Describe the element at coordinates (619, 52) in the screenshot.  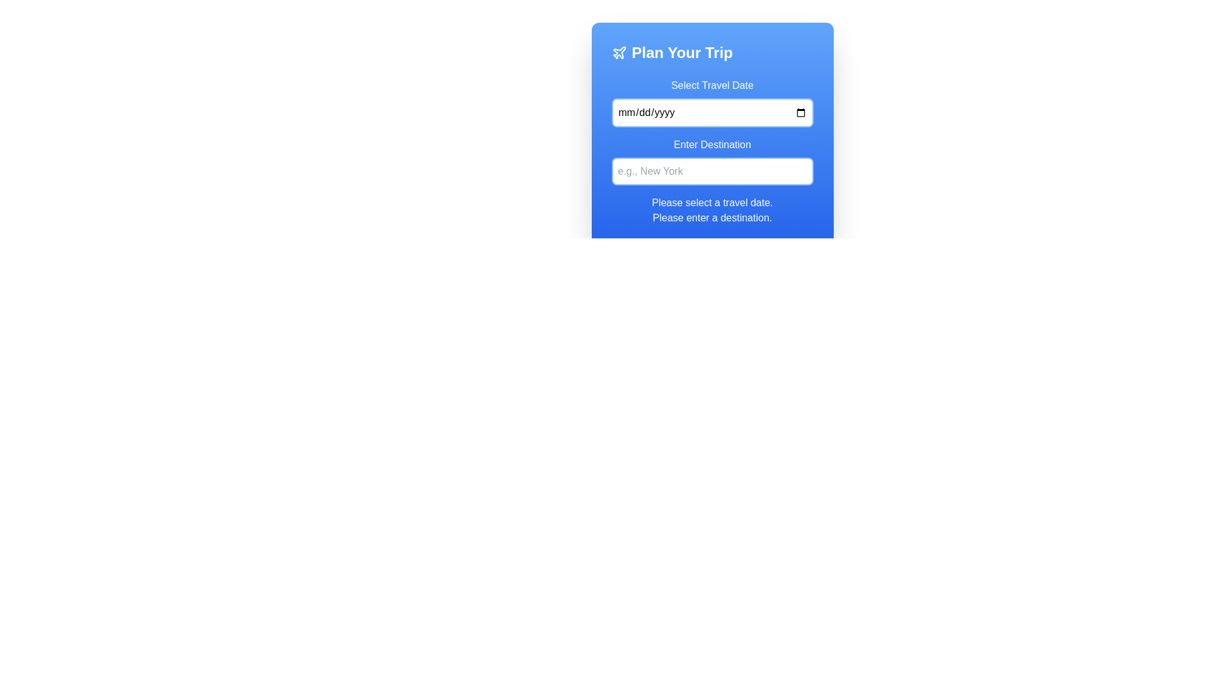
I see `the travel icon located to the left of the text 'Plan Your Trip' in the header section` at that location.